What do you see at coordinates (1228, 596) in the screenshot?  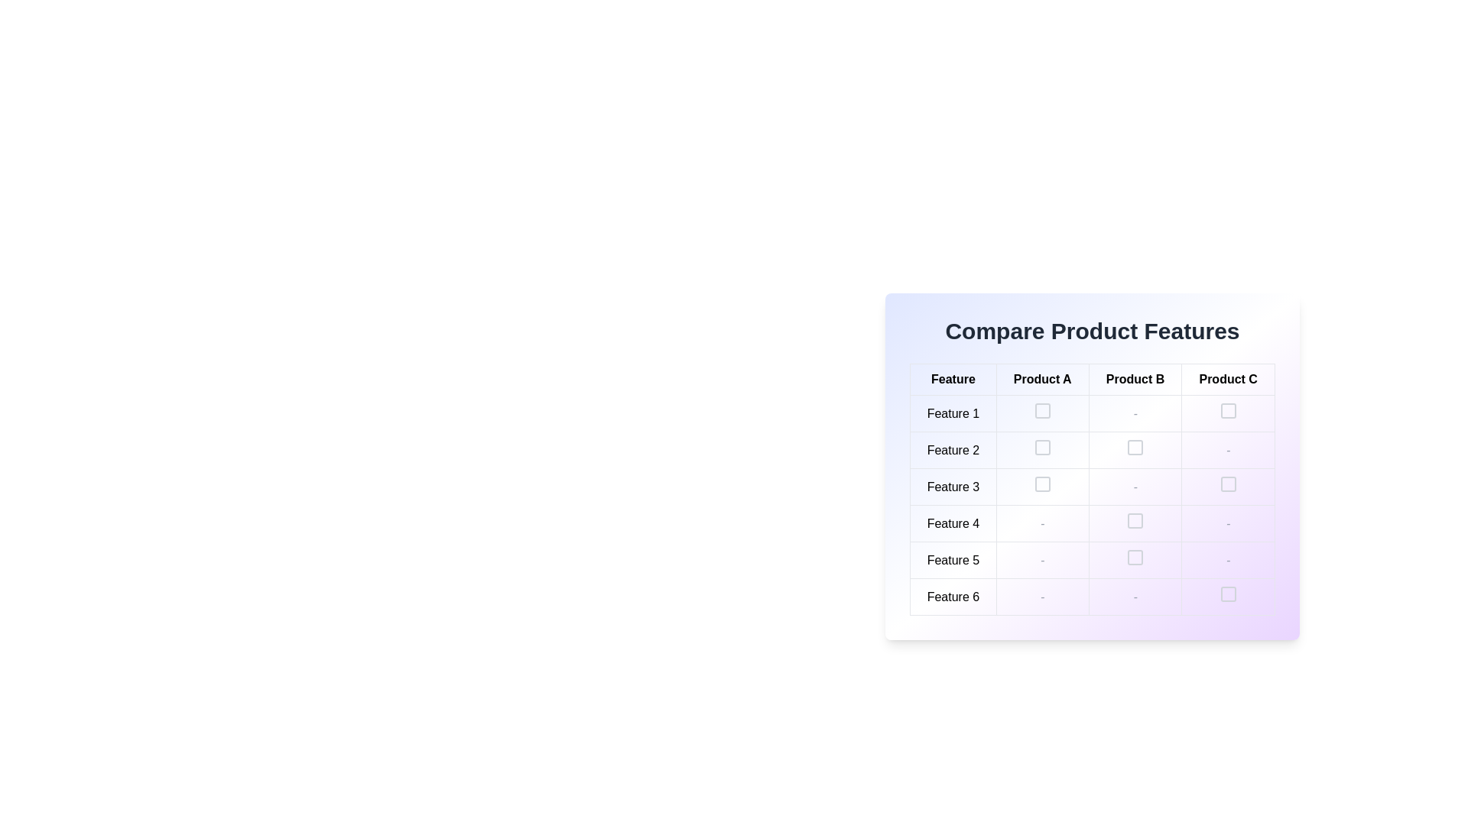 I see `the checkbox in the last cell of the last row of the feature comparison grid, specifically in the 'Product C' column and 'Feature 6' row` at bounding box center [1228, 596].